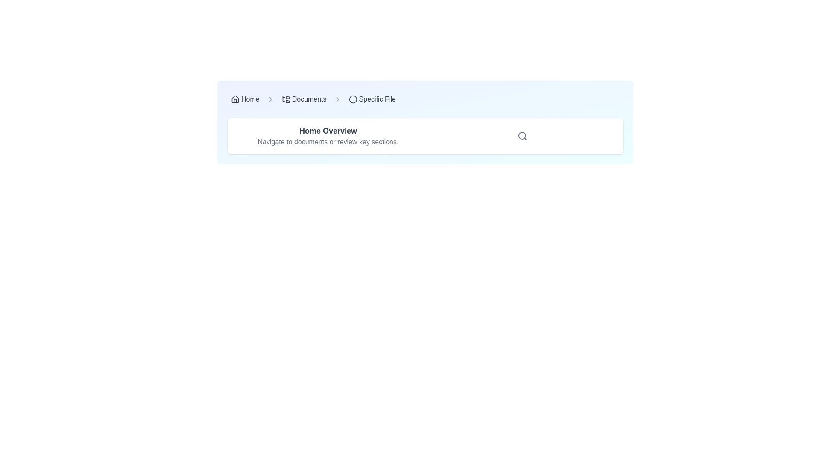  Describe the element at coordinates (425, 136) in the screenshot. I see `the informational panel or card that provides guidance for navigation or document review tools, located in the middle of the interface with a white block and shadowing` at that location.